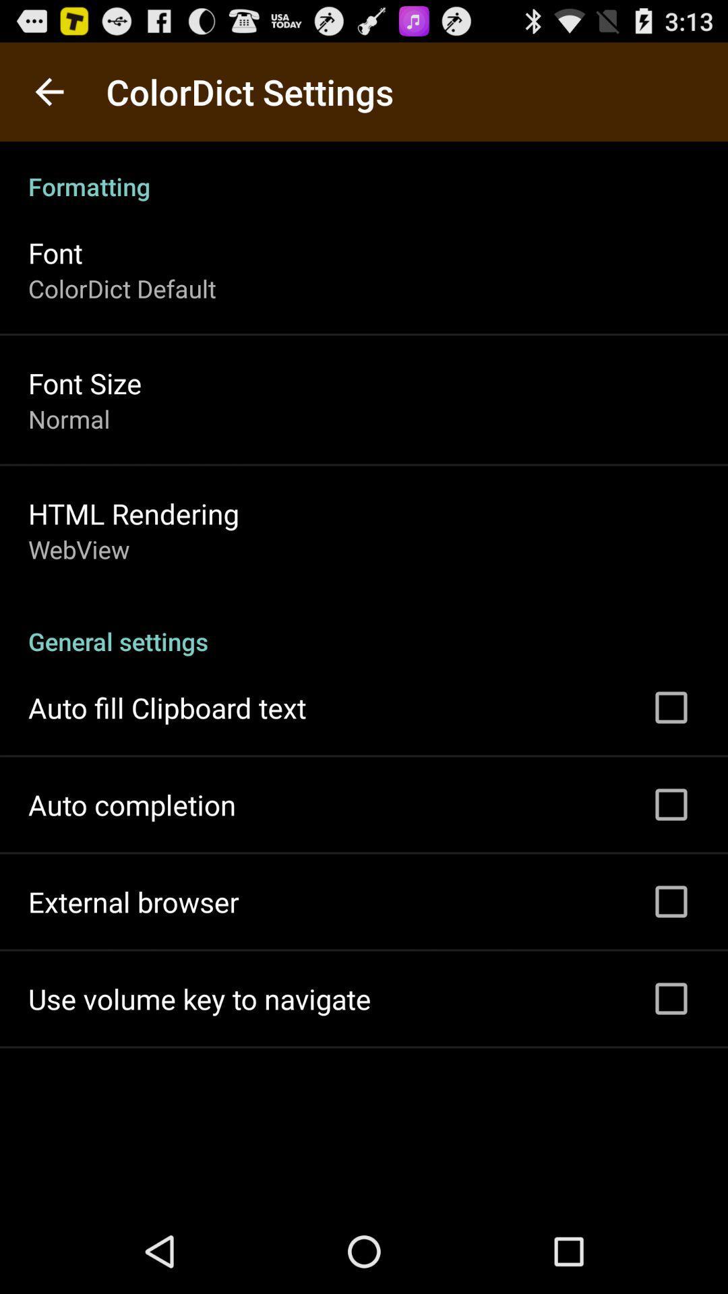  What do you see at coordinates (364, 626) in the screenshot?
I see `the icon at the center` at bounding box center [364, 626].